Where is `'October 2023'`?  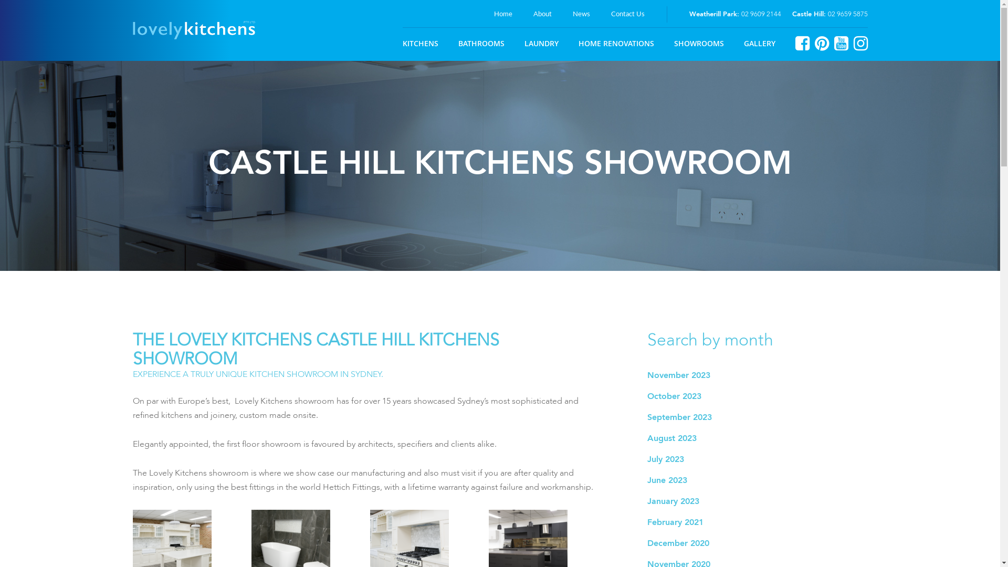
'October 2023' is located at coordinates (674, 397).